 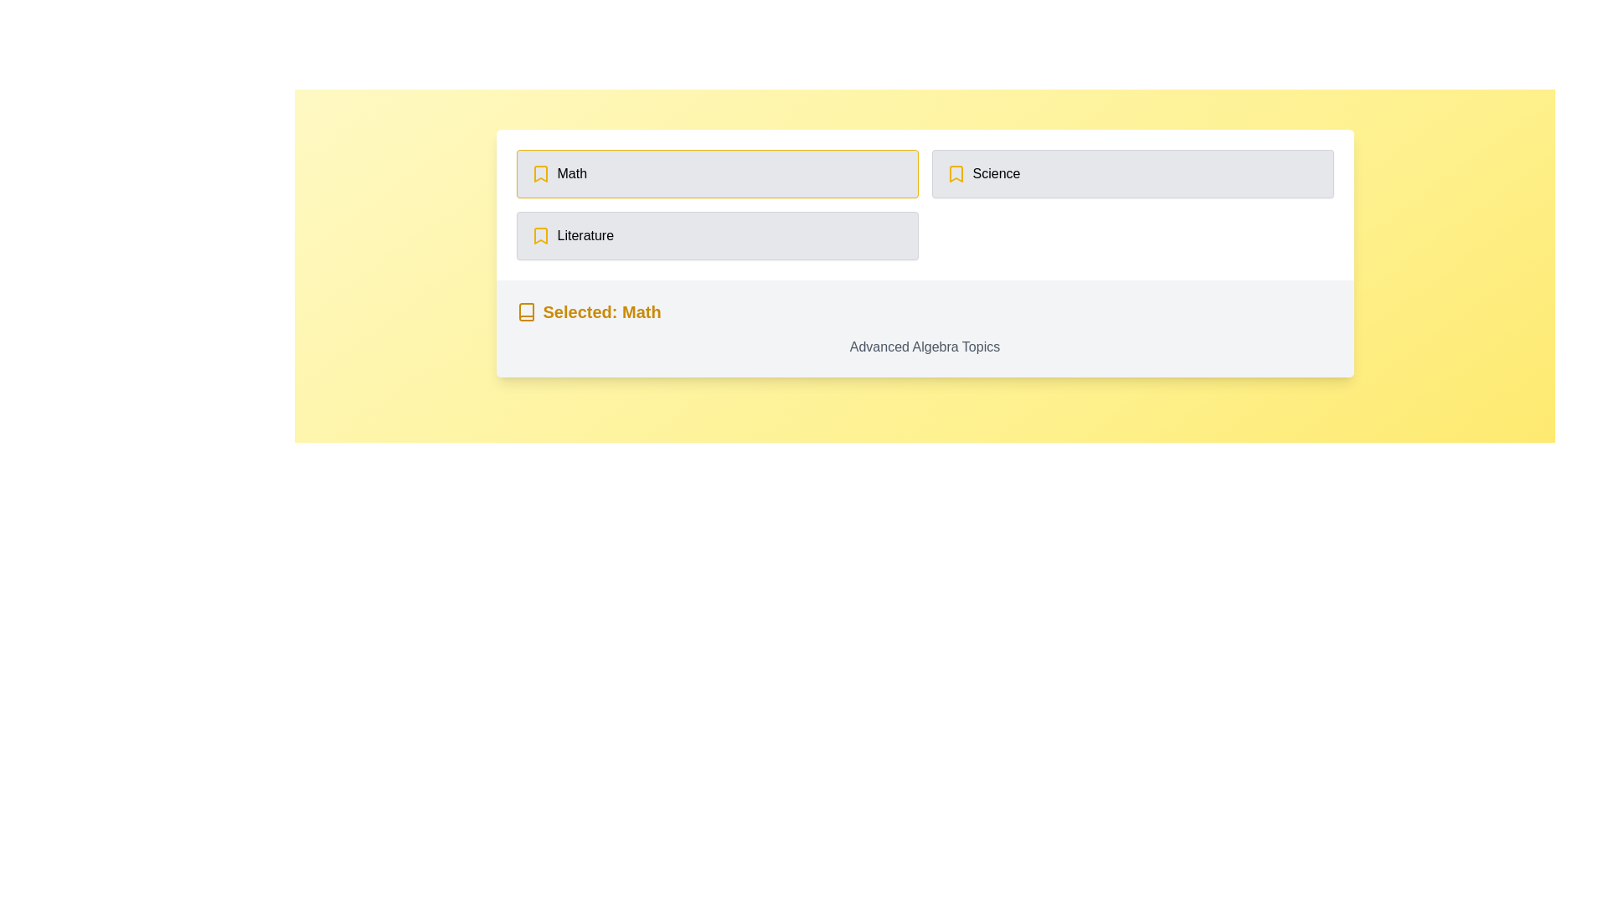 What do you see at coordinates (1132, 174) in the screenshot?
I see `the 'Science' category card in the second column of a grid layout` at bounding box center [1132, 174].